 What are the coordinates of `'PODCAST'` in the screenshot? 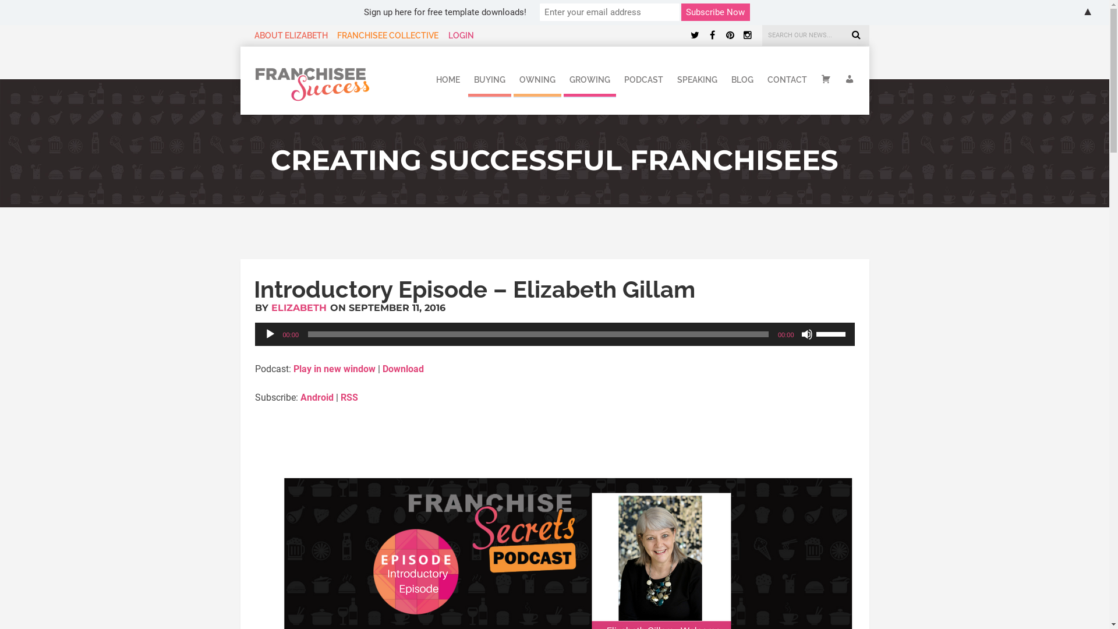 It's located at (643, 77).